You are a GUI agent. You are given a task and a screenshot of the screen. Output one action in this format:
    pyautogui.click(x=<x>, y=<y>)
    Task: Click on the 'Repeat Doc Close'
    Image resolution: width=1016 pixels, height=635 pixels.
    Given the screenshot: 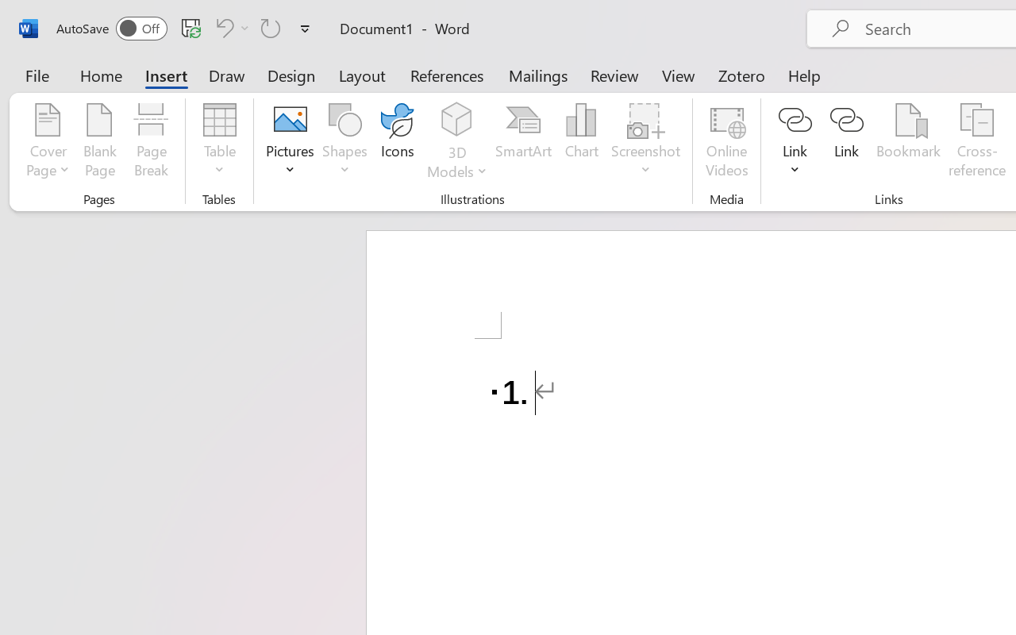 What is the action you would take?
    pyautogui.click(x=271, y=27)
    